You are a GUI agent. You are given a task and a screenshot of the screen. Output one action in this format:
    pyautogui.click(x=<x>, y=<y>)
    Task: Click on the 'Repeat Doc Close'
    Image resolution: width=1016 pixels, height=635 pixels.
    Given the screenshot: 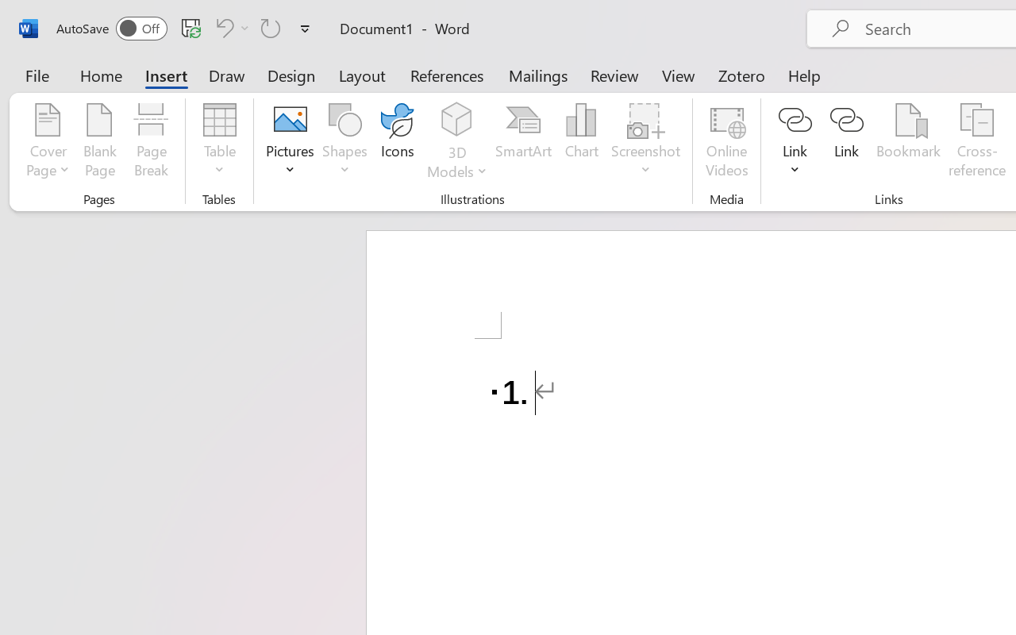 What is the action you would take?
    pyautogui.click(x=271, y=27)
    